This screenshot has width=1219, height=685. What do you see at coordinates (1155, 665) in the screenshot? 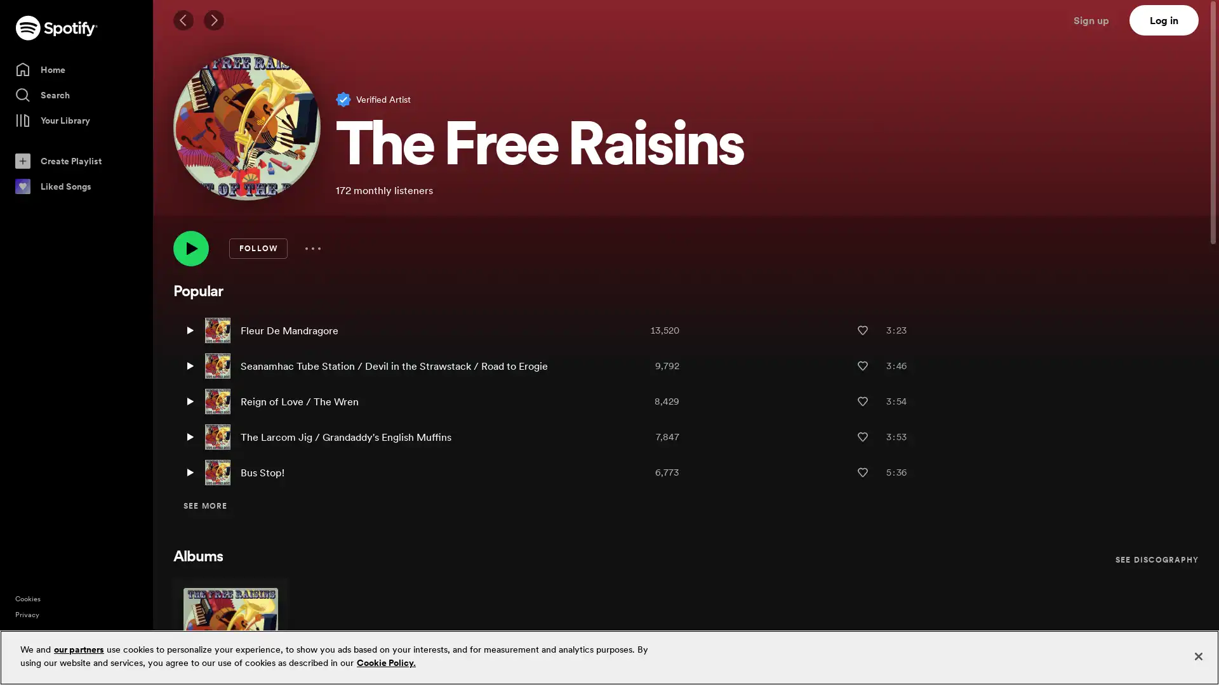
I see `Sign up free` at bounding box center [1155, 665].